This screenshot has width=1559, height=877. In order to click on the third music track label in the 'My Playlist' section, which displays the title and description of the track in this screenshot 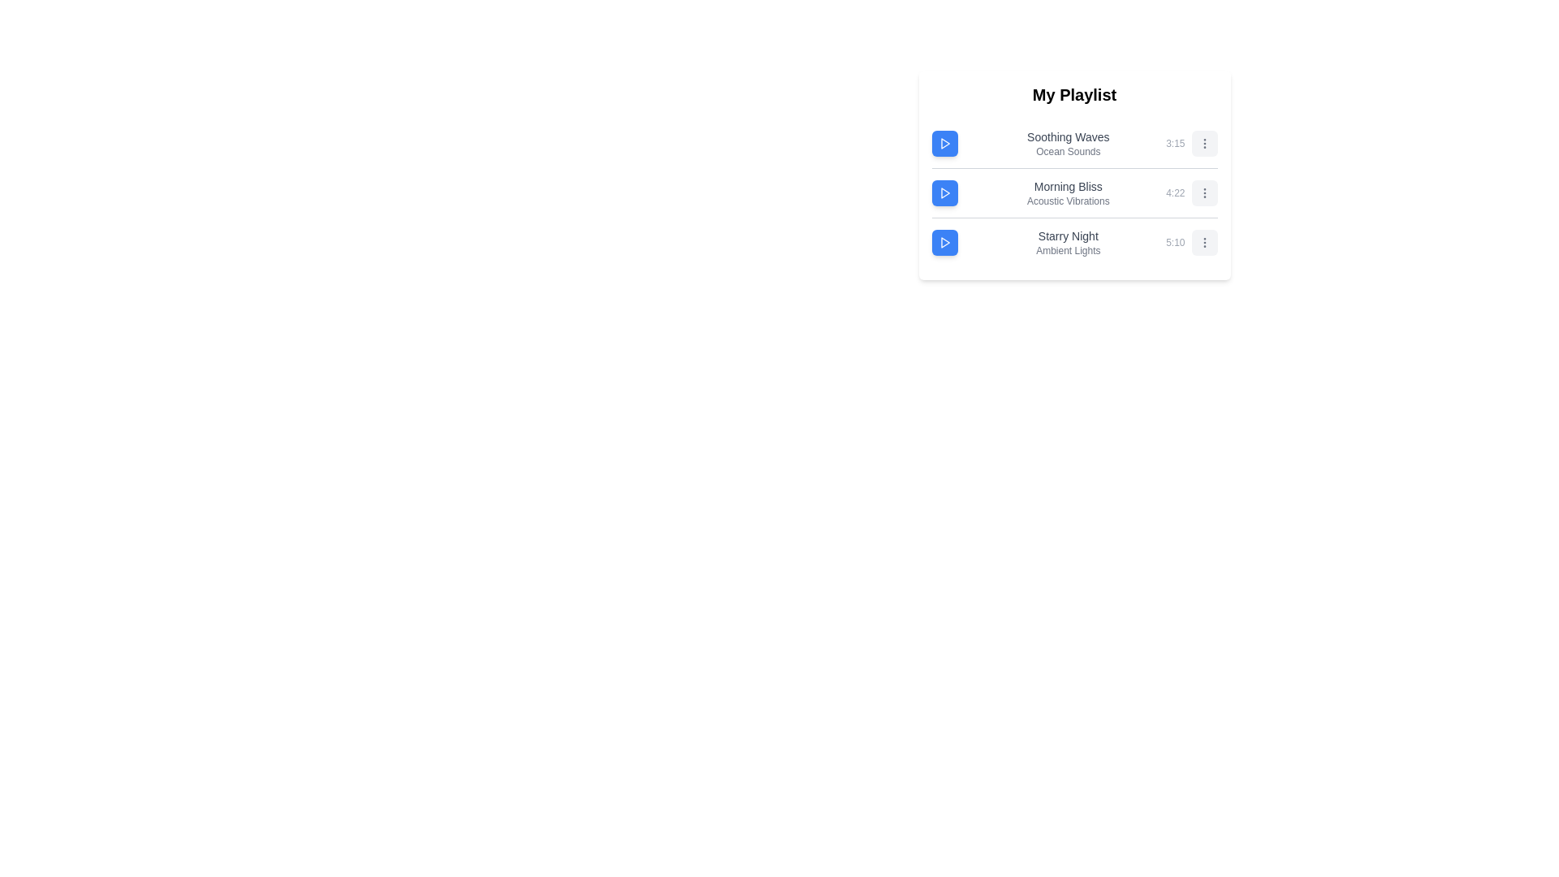, I will do `click(1068, 243)`.